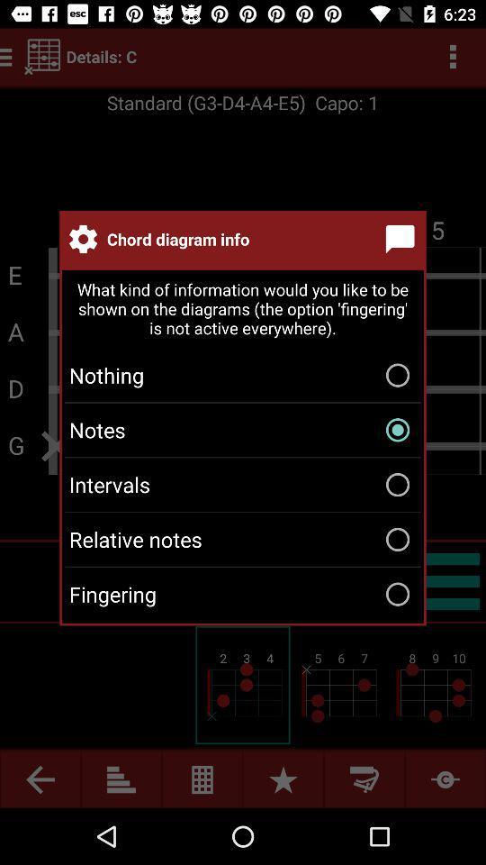  Describe the element at coordinates (243, 484) in the screenshot. I see `item below the notes icon` at that location.